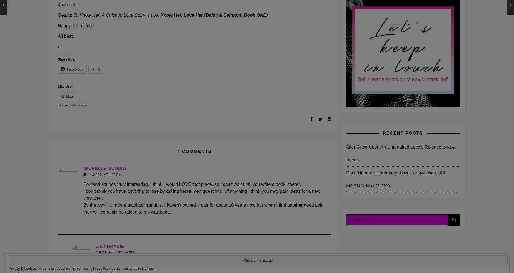 This screenshot has width=514, height=273. I want to click on 'Z', so click(57, 47).